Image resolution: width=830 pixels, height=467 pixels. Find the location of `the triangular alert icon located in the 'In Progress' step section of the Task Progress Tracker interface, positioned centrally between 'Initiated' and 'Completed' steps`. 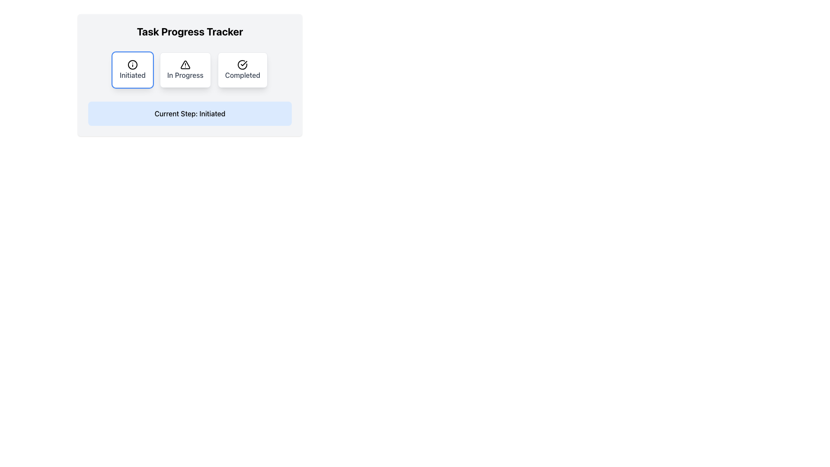

the triangular alert icon located in the 'In Progress' step section of the Task Progress Tracker interface, positioned centrally between 'Initiated' and 'Completed' steps is located at coordinates (185, 64).